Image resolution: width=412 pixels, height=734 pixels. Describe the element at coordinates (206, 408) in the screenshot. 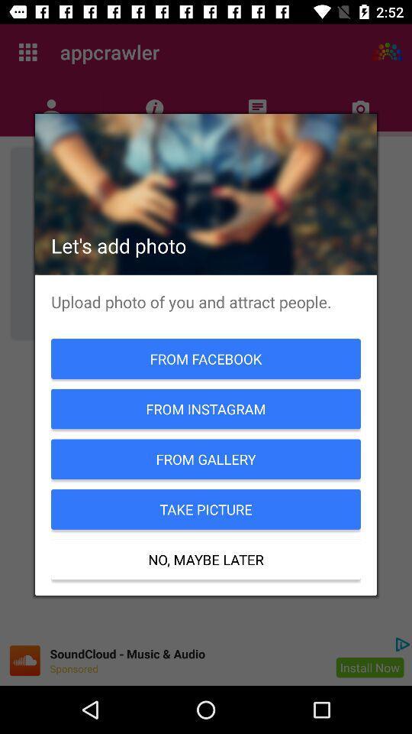

I see `the icon above the from gallery item` at that location.